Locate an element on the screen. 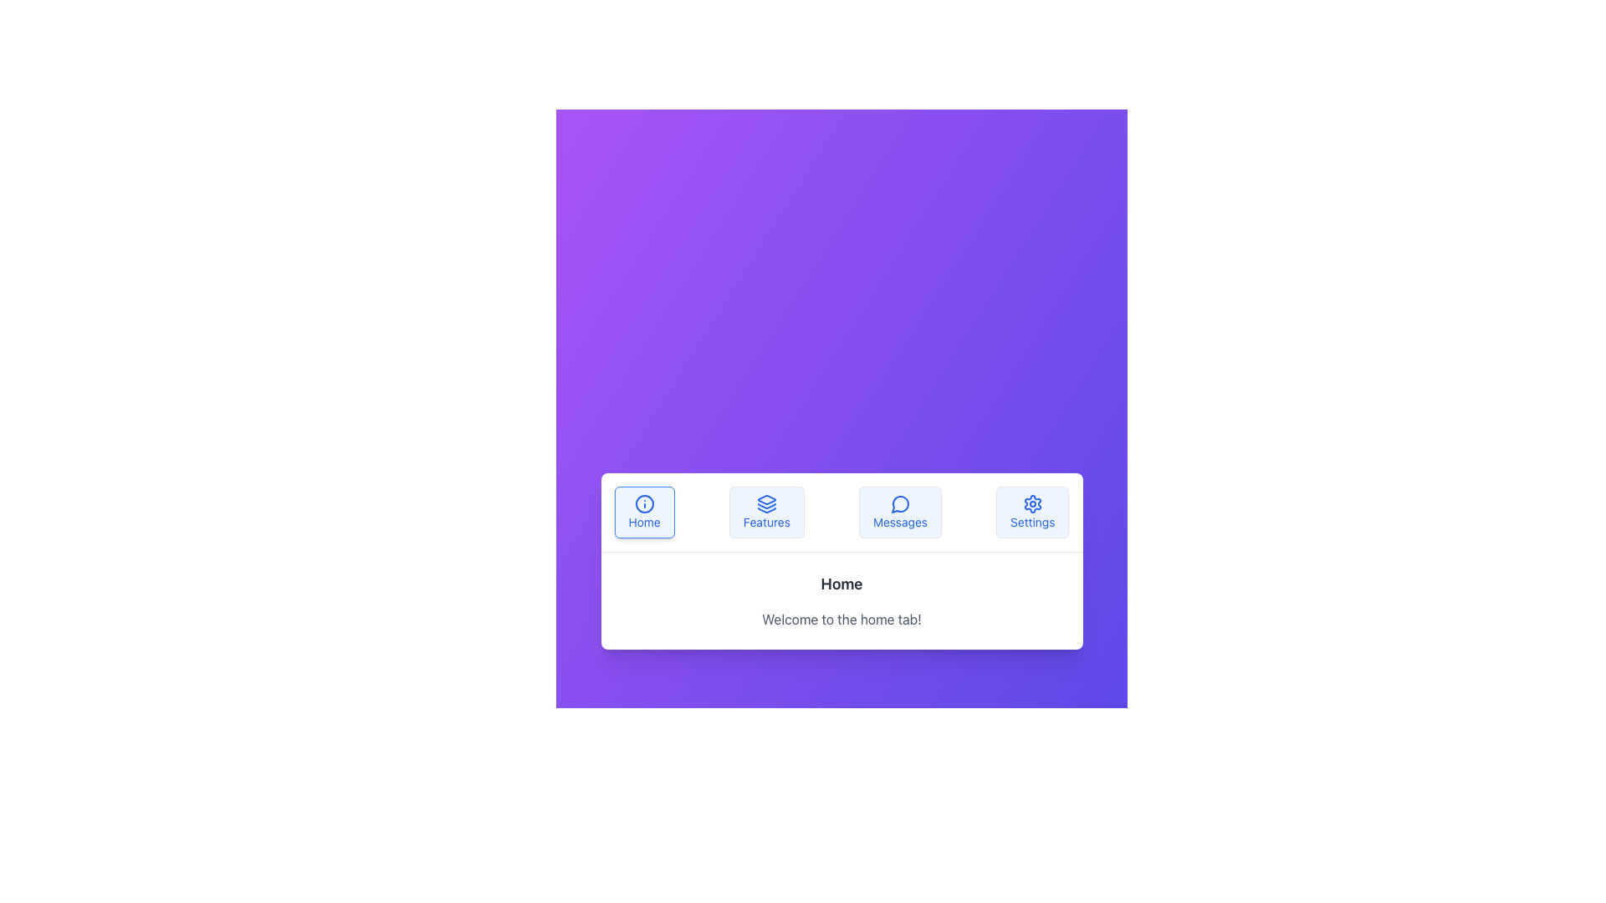 This screenshot has height=903, width=1606. the static text label that welcomes the user to the 'Home' section of the interface, located directly below the 'Home' text element is located at coordinates (841, 619).